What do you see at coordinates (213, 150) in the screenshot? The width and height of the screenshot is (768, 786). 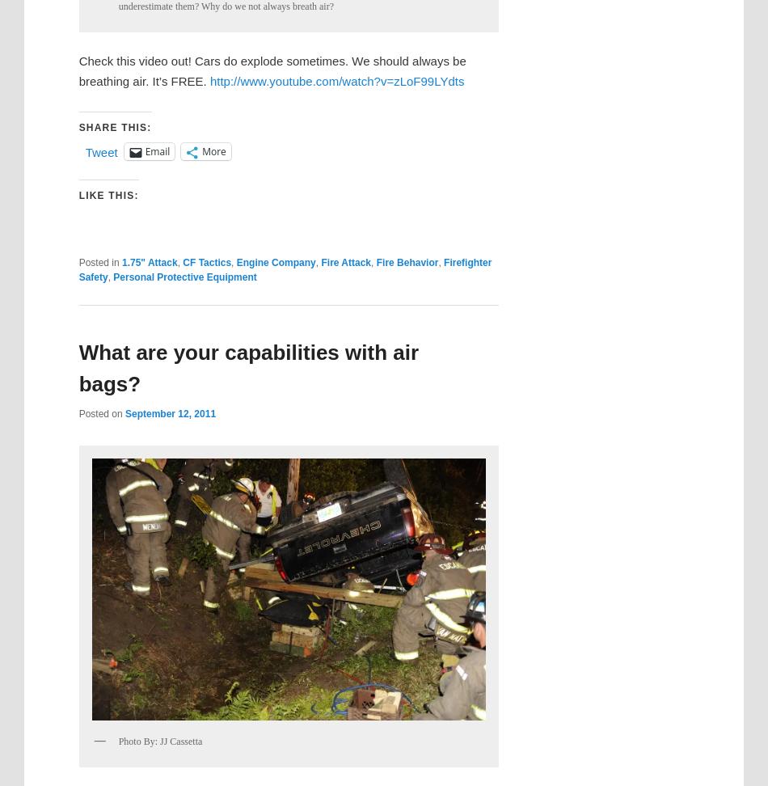 I see `'More'` at bounding box center [213, 150].